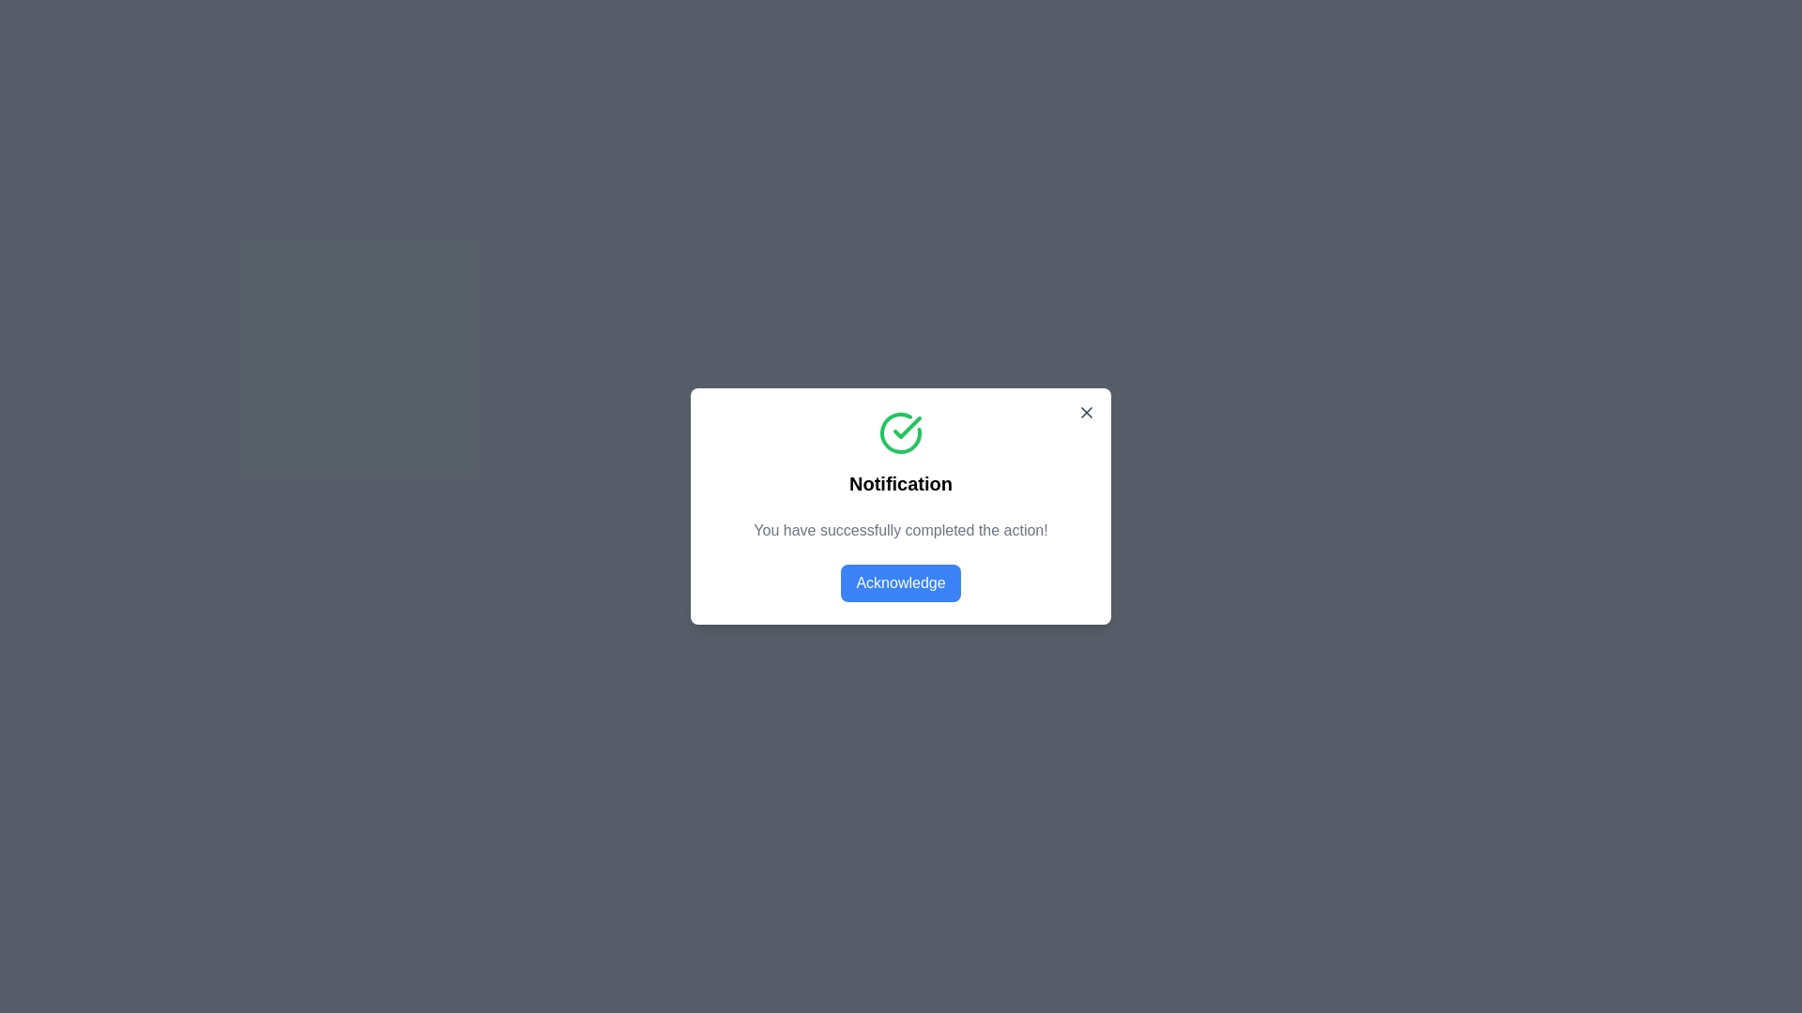 The width and height of the screenshot is (1802, 1013). Describe the element at coordinates (1086, 411) in the screenshot. I see `the close button icon located at the top-right corner of the modal to observe the color change` at that location.